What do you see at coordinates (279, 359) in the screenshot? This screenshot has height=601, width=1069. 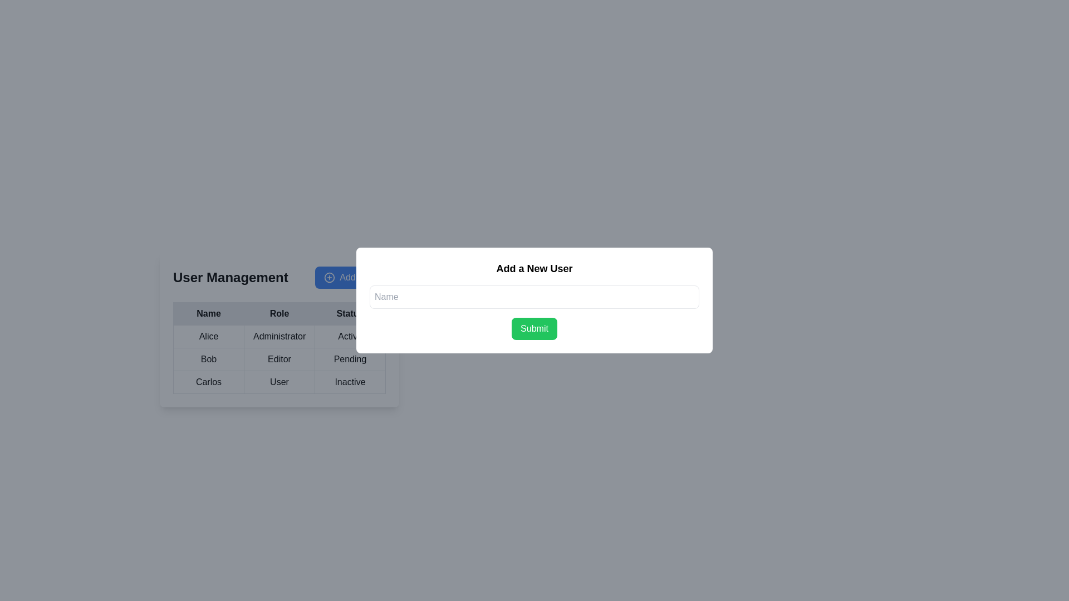 I see `the static text element displaying 'Editor', which is located in the middle column of the table under the 'Role' header` at bounding box center [279, 359].